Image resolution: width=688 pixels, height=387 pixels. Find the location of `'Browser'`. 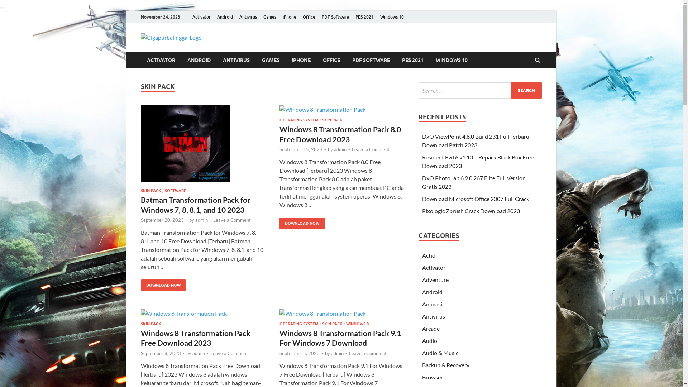

'Browser' is located at coordinates (432, 377).